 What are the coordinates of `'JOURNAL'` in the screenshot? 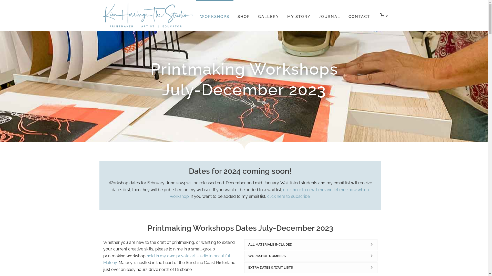 It's located at (330, 15).